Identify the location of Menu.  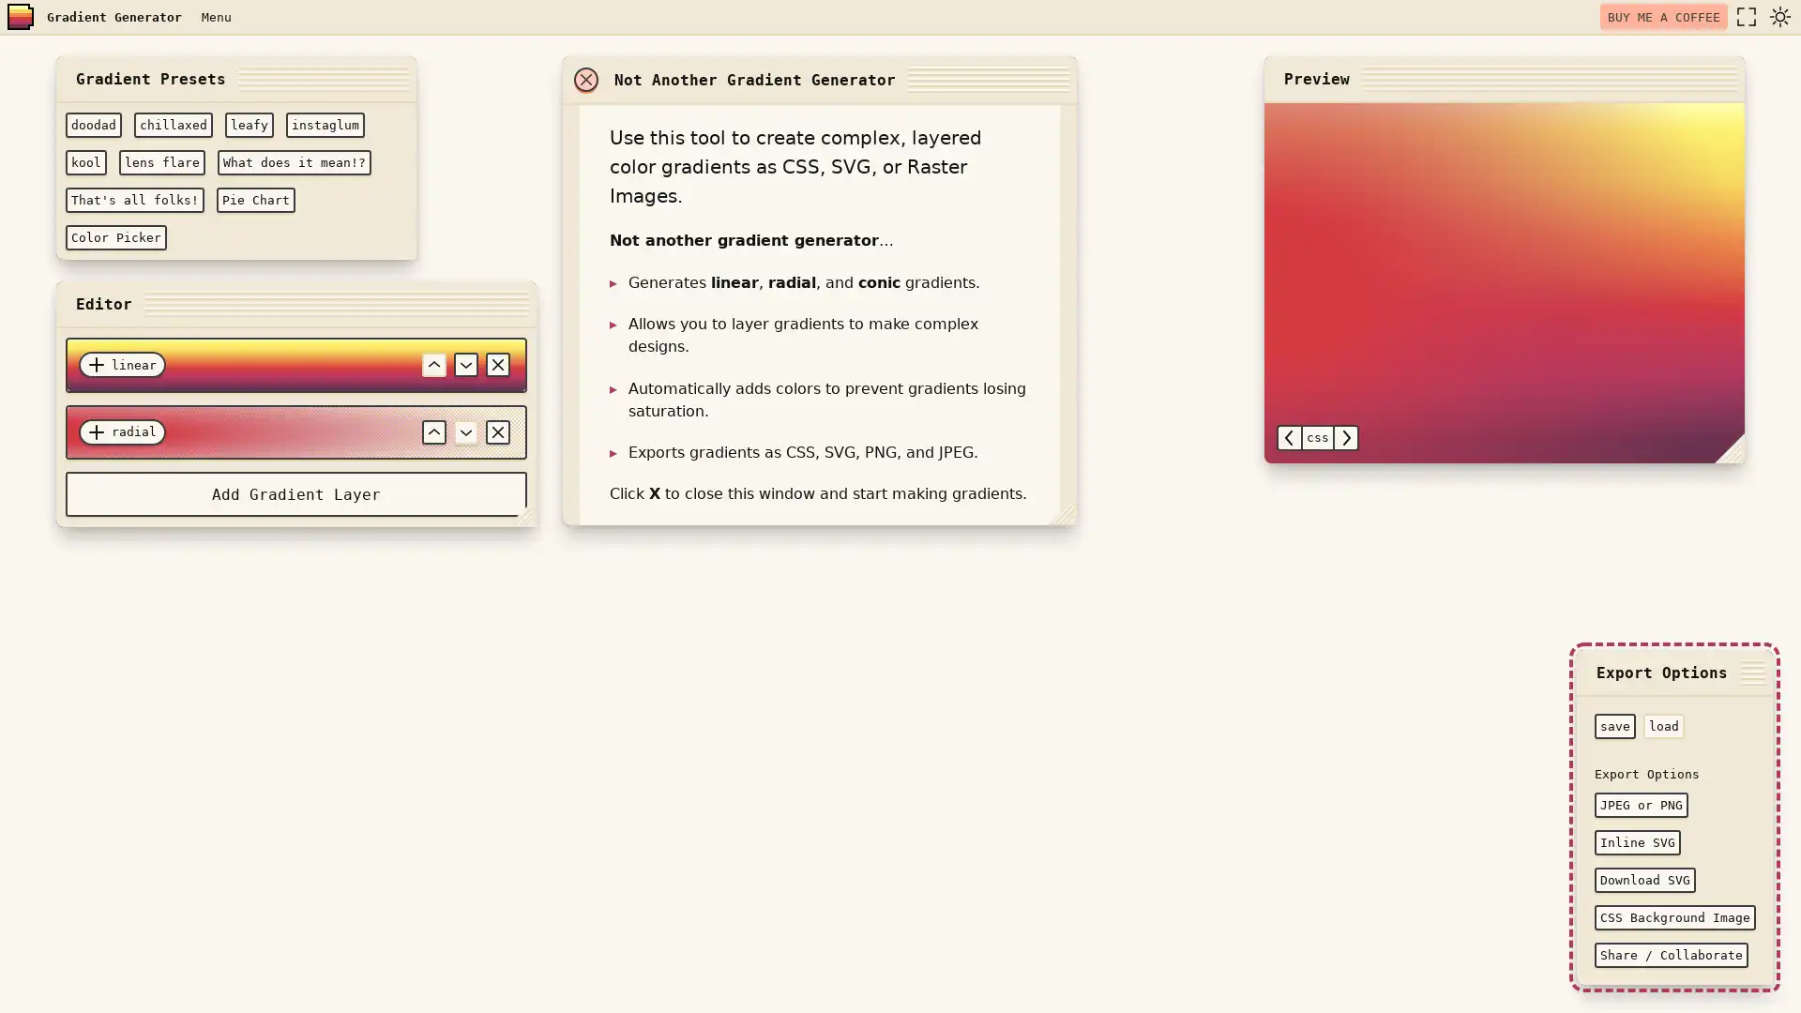
(216, 16).